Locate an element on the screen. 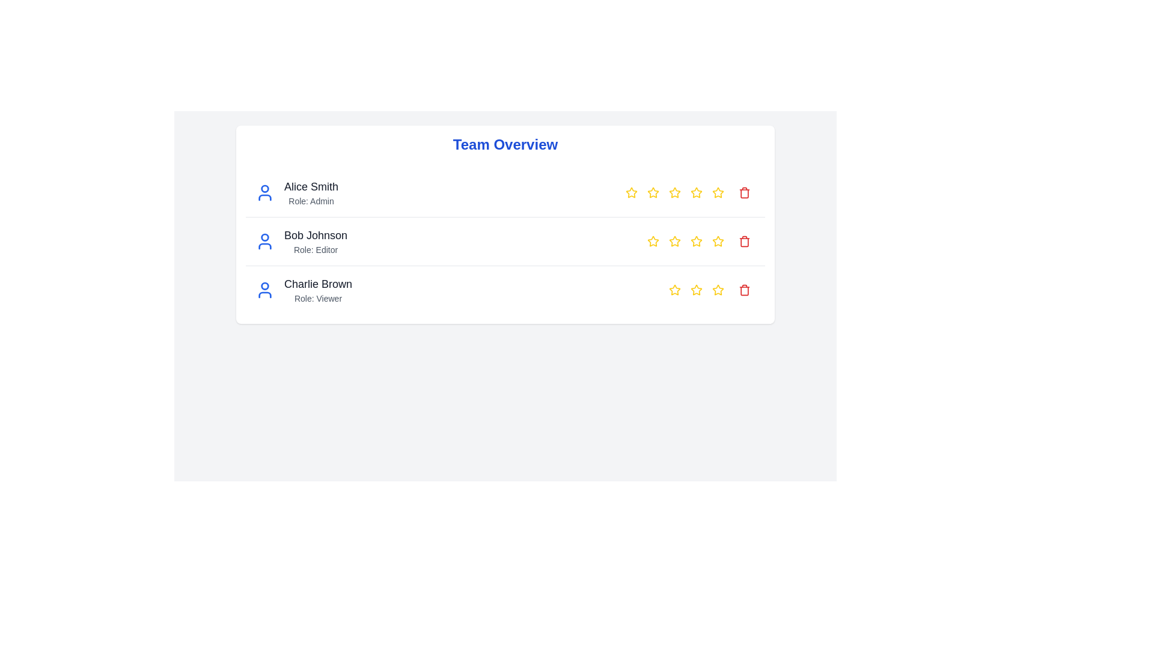  the red trash icon button located at the rightmost end of the row corresponding to 'Alice Smith' is located at coordinates (743, 192).